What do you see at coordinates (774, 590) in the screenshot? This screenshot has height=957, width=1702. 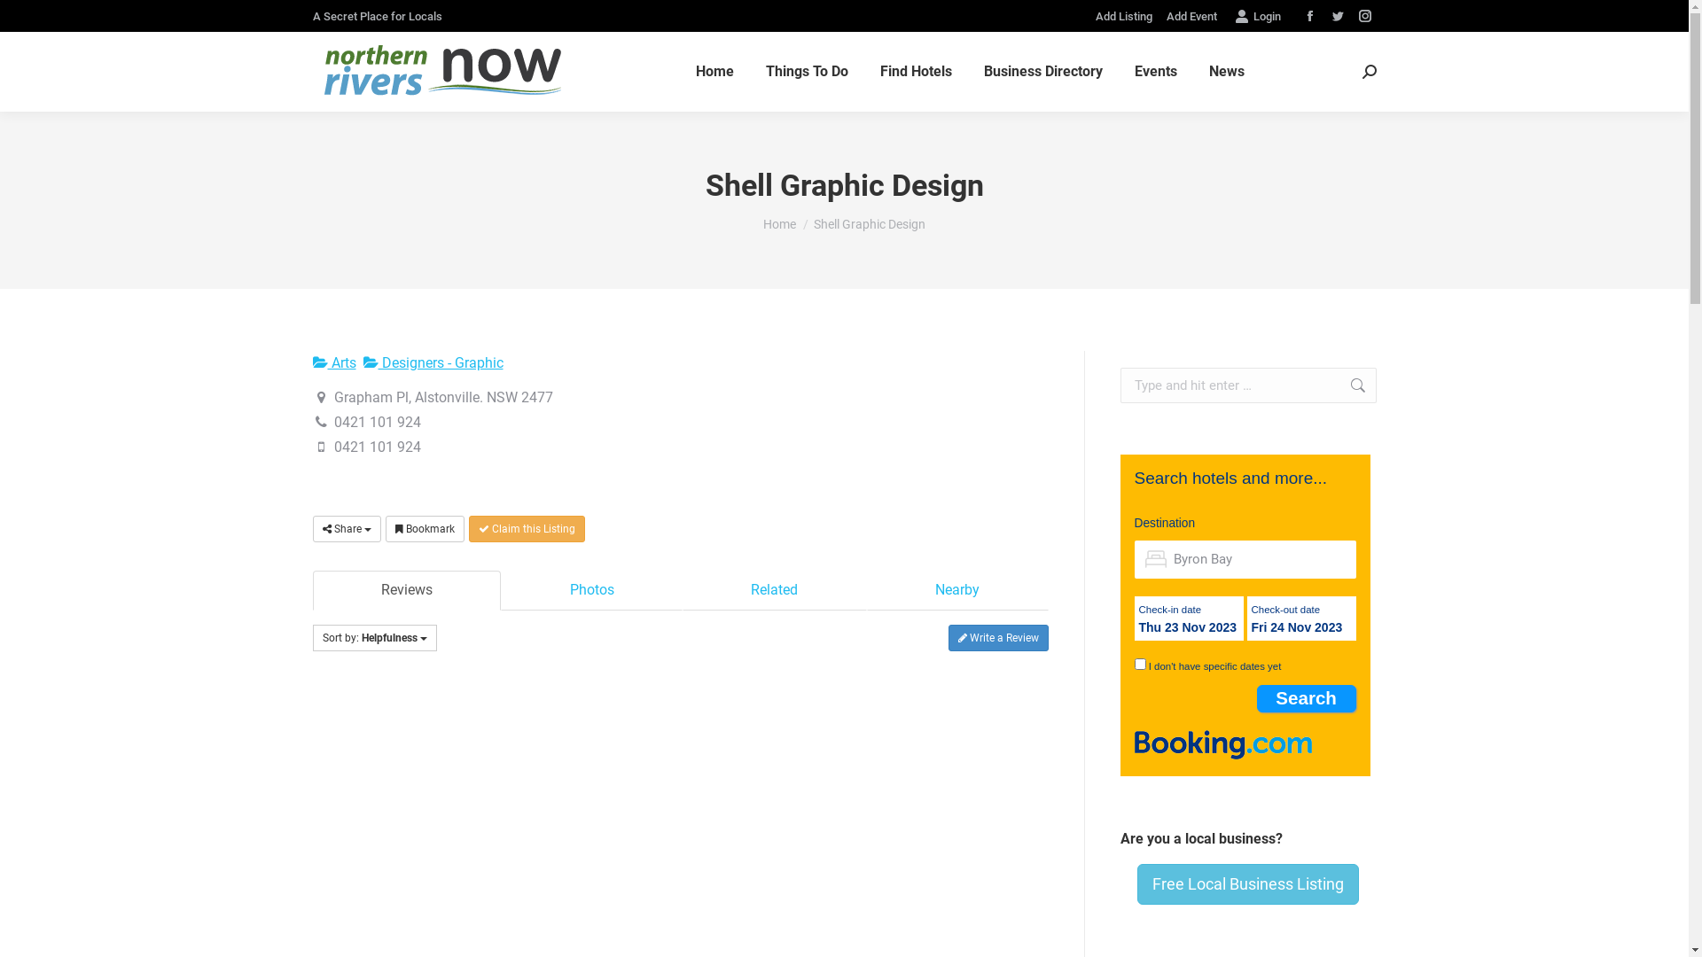 I see `'Related'` at bounding box center [774, 590].